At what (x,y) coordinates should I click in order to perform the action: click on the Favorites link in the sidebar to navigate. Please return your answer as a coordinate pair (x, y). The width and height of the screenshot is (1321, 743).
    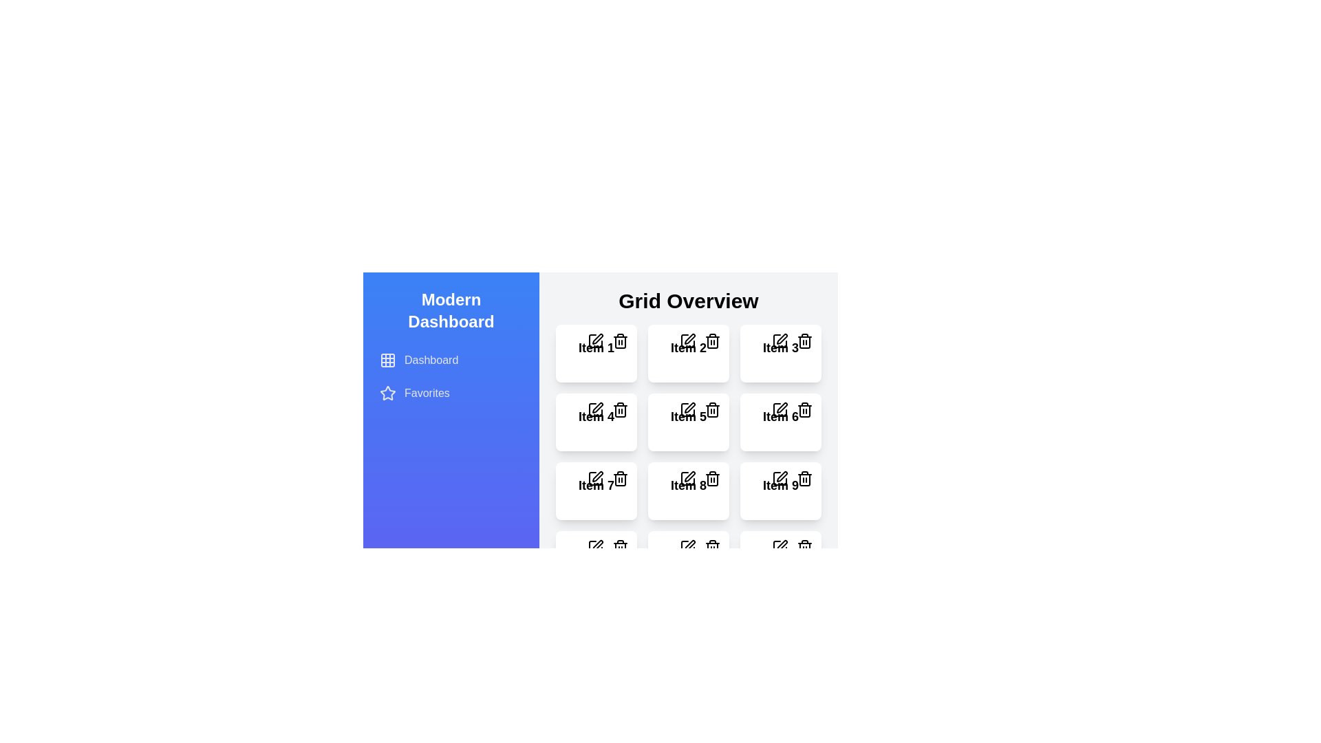
    Looking at the image, I should click on (451, 393).